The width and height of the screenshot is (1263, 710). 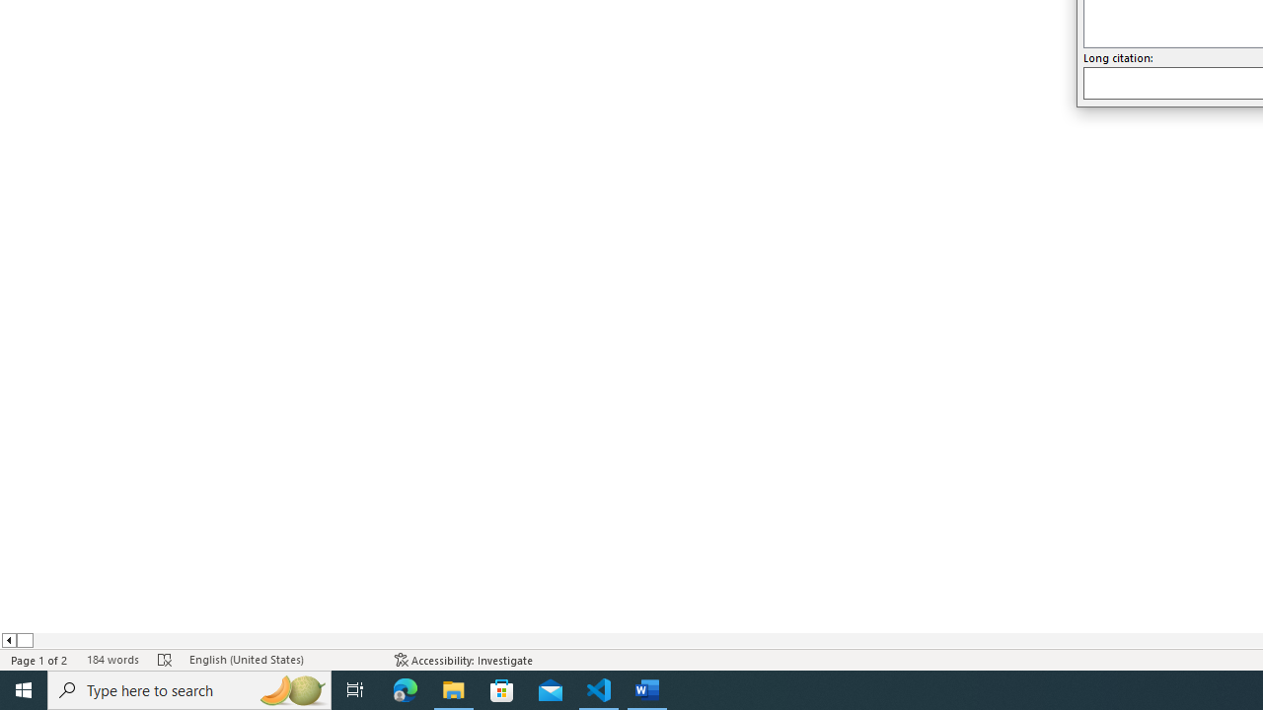 What do you see at coordinates (647, 688) in the screenshot?
I see `'Word - 1 running window'` at bounding box center [647, 688].